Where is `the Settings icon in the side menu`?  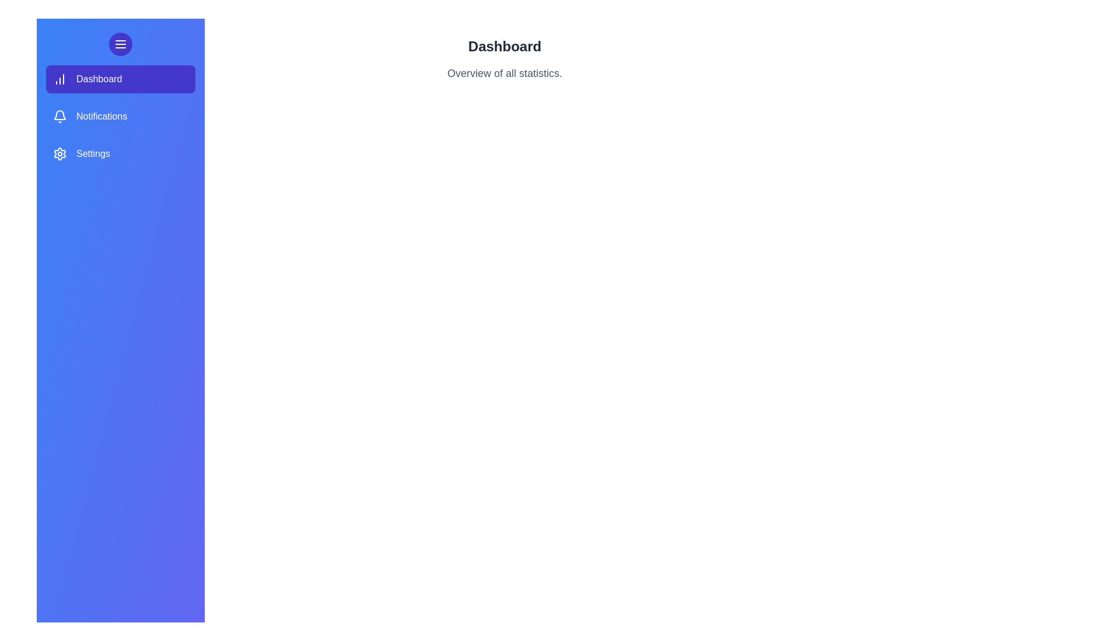
the Settings icon in the side menu is located at coordinates (59, 153).